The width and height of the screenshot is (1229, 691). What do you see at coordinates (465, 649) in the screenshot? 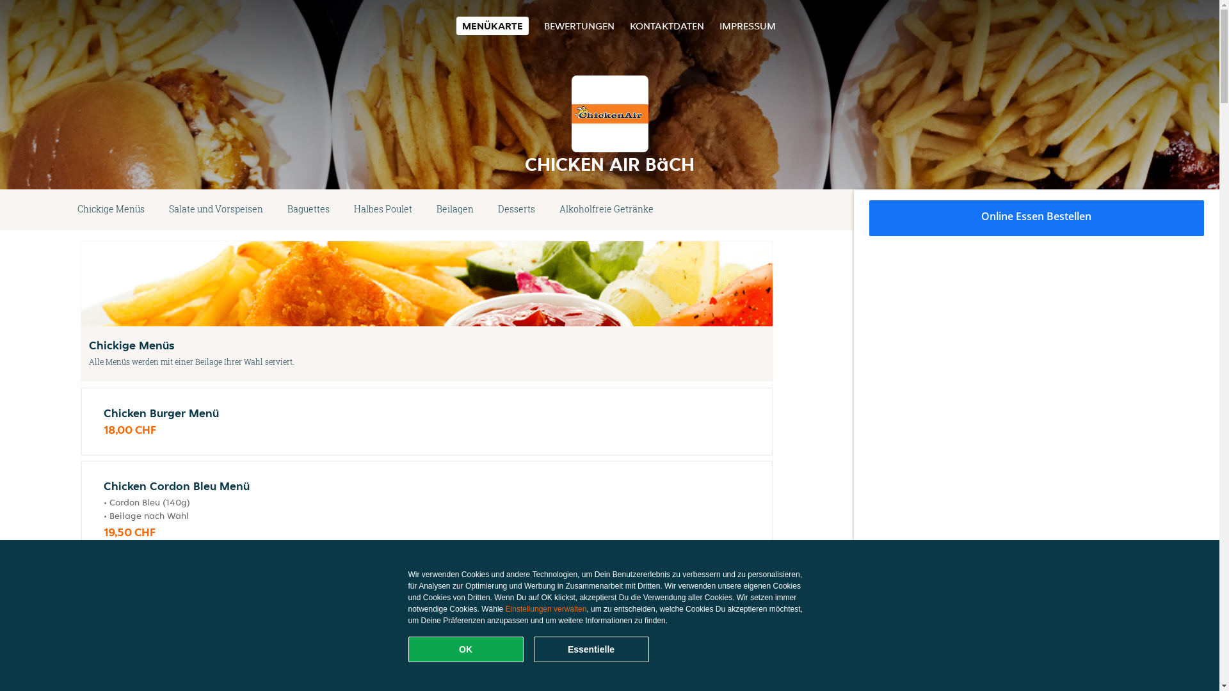
I see `'OK'` at bounding box center [465, 649].